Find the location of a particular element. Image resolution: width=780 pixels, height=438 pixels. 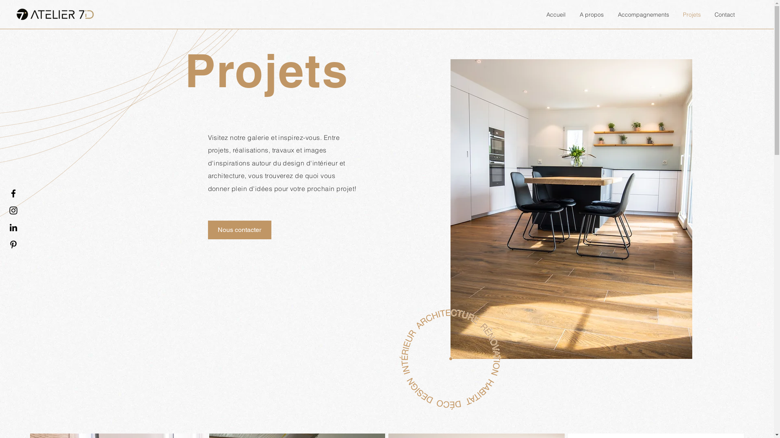

'Accueil' is located at coordinates (555, 14).